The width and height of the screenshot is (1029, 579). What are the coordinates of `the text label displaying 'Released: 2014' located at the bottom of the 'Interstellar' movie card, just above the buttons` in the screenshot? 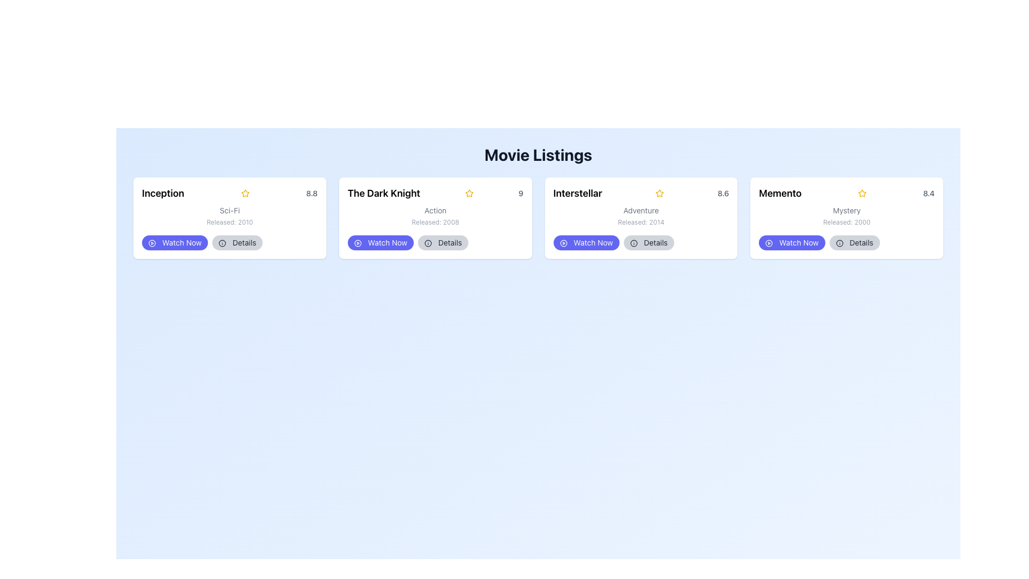 It's located at (641, 222).